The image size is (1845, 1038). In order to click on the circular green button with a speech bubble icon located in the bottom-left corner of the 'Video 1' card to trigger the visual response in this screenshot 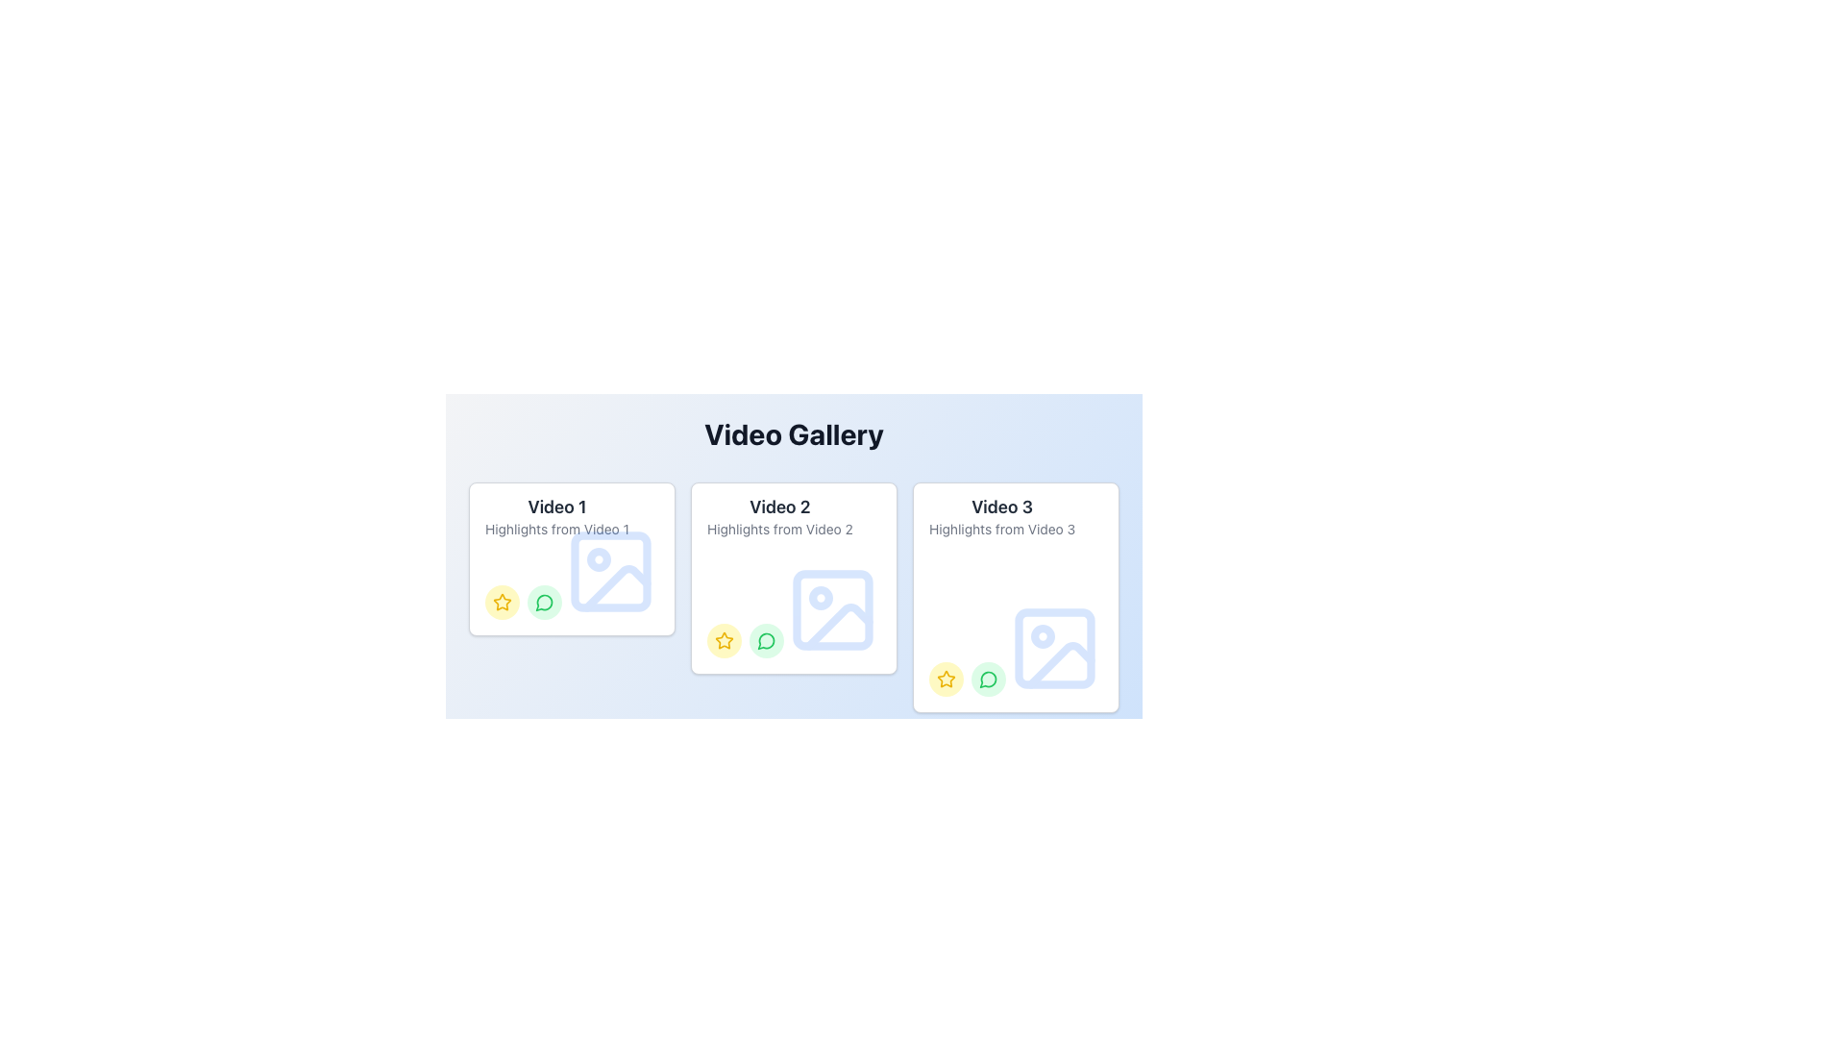, I will do `click(543, 602)`.